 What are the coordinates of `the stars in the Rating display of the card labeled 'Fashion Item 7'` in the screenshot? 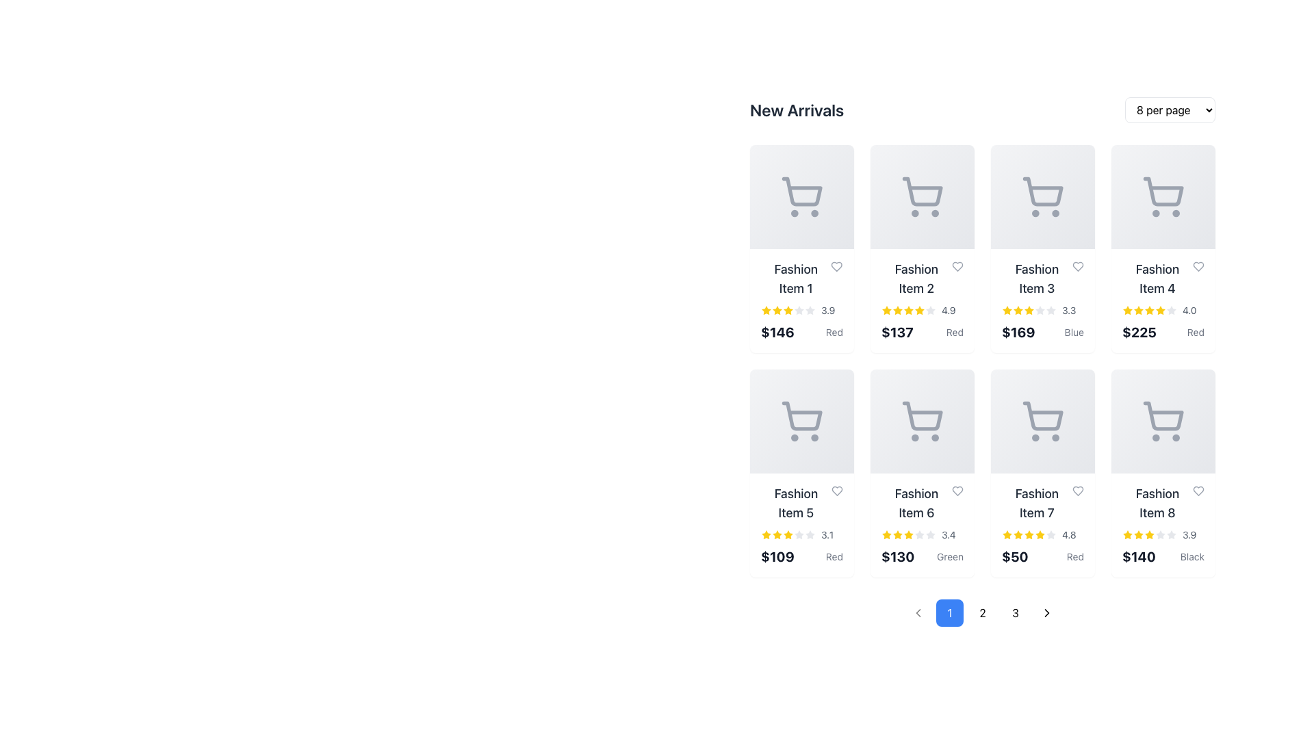 It's located at (1042, 534).